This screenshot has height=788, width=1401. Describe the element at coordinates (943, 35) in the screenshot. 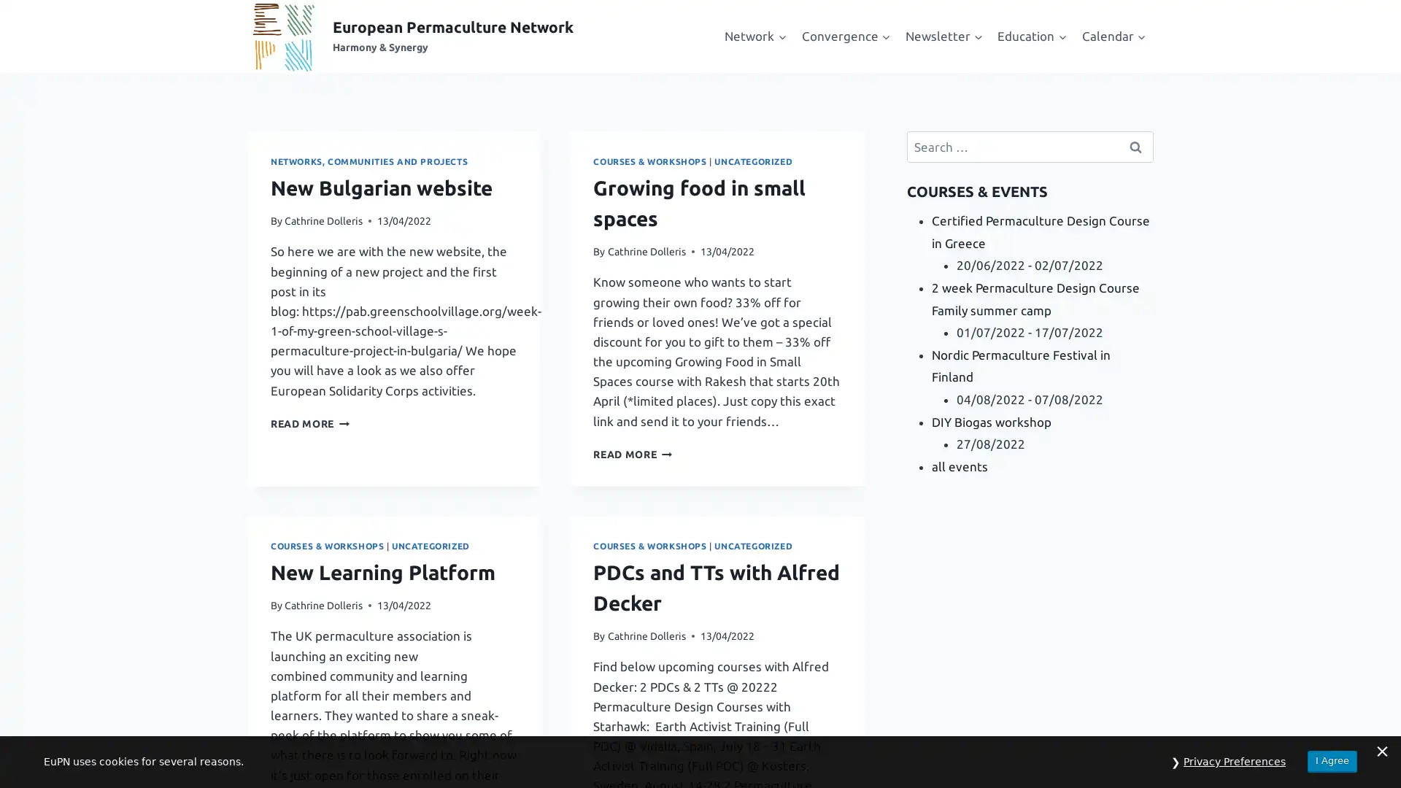

I see `Expand child menu` at that location.